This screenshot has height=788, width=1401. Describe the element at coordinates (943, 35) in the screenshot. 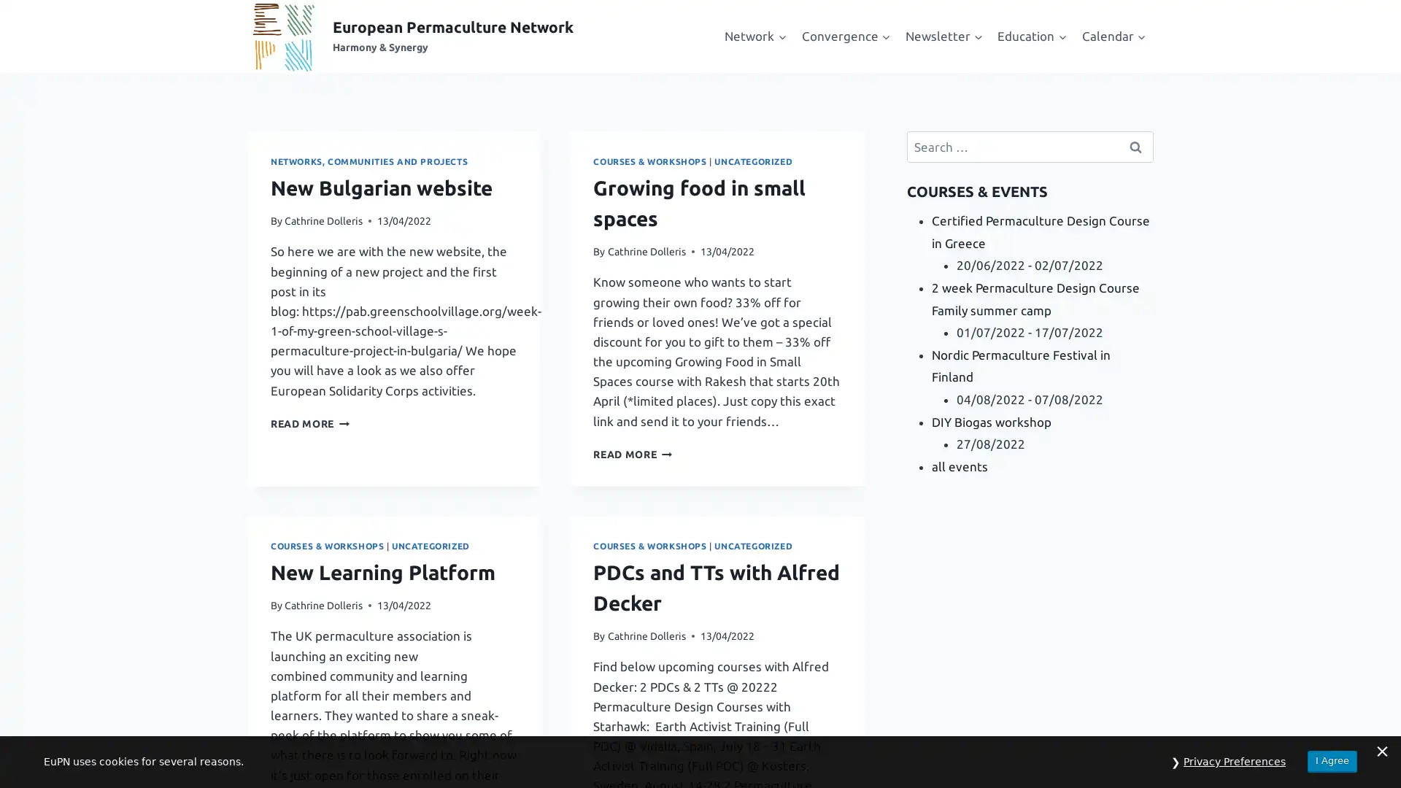

I see `Expand child menu` at that location.